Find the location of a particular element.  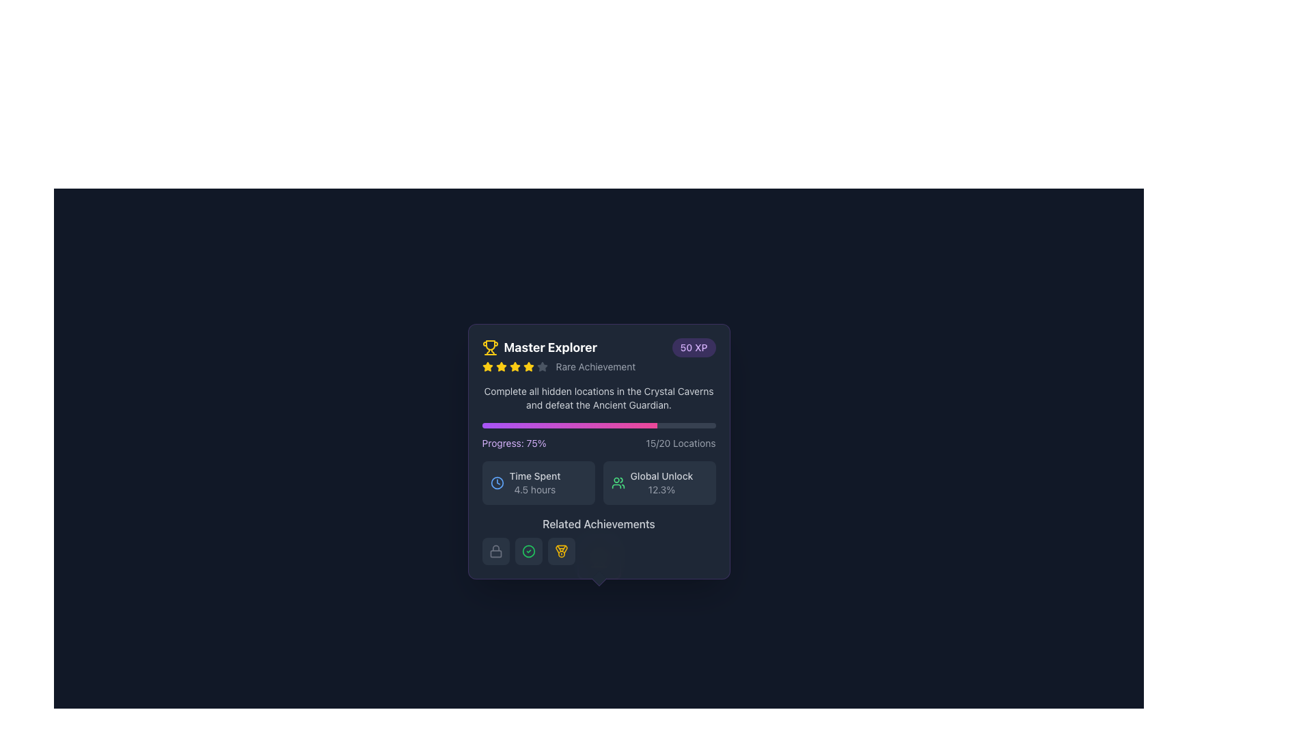

the percentage completion displayed on the Progress indicator located in the center of the 'Master Explorer' card, below its descriptive text is located at coordinates (599, 437).